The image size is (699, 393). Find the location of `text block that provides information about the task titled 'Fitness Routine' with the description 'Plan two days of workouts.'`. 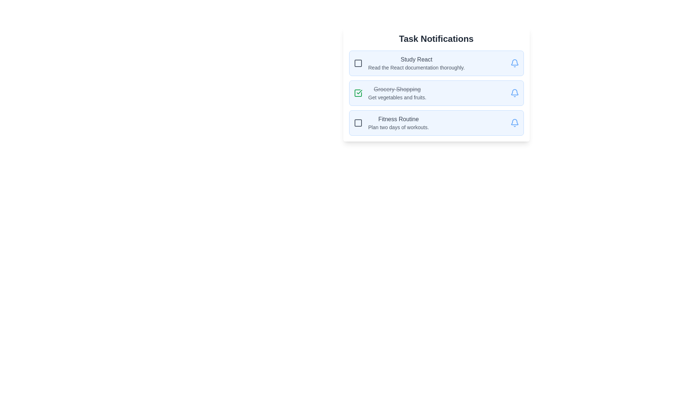

text block that provides information about the task titled 'Fitness Routine' with the description 'Plan two days of workouts.' is located at coordinates (398, 123).